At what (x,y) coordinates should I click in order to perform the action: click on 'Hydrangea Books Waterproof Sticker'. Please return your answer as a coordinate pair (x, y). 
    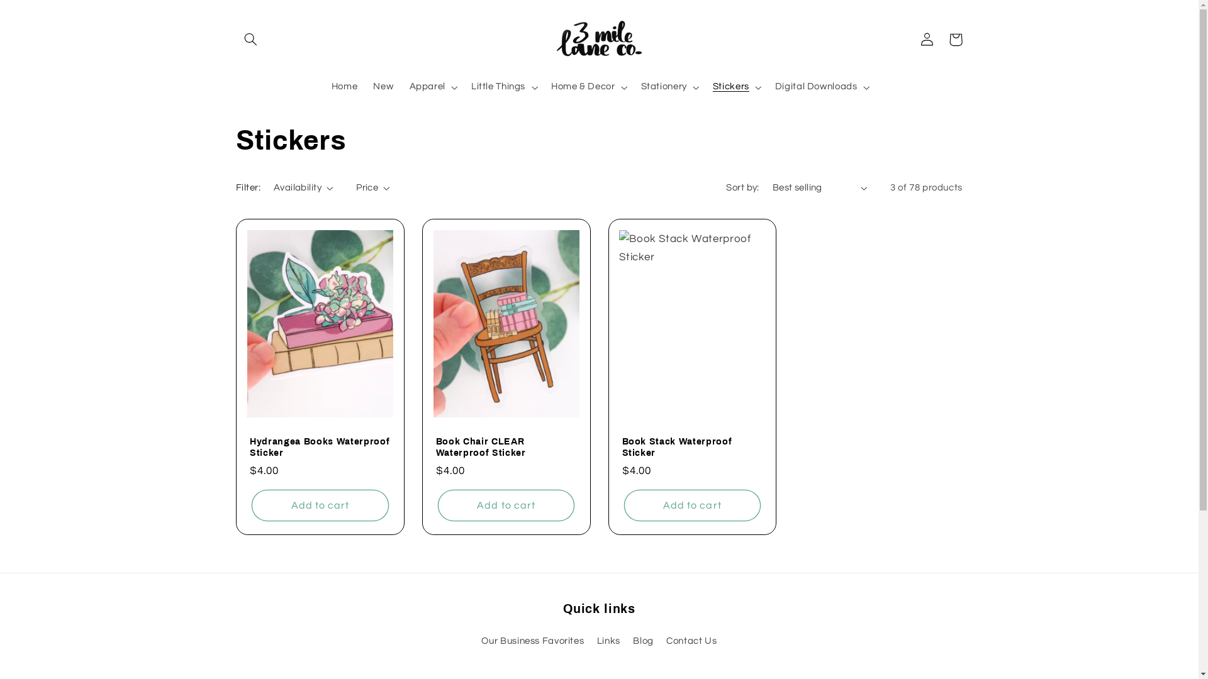
    Looking at the image, I should click on (320, 446).